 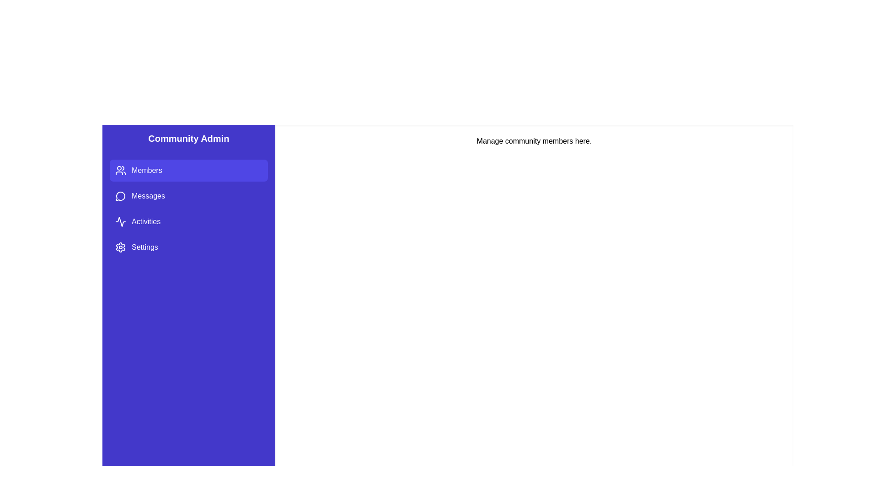 I want to click on the 'Messages' icon located in the sidebar menu, positioned to the left of the text 'Messages', so click(x=120, y=195).